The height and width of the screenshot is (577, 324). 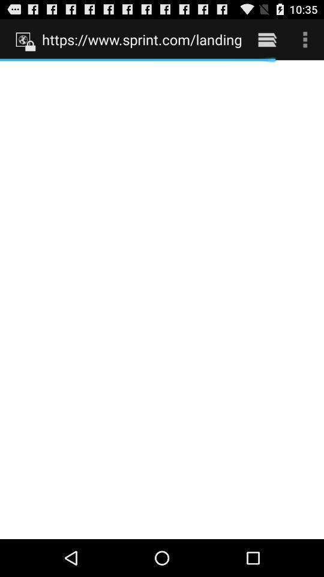 What do you see at coordinates (267, 39) in the screenshot?
I see `the item next to https www sprint item` at bounding box center [267, 39].